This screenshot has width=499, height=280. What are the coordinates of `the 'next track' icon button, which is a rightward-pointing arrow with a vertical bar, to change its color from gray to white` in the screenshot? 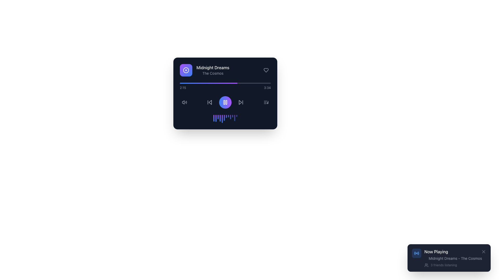 It's located at (240, 102).